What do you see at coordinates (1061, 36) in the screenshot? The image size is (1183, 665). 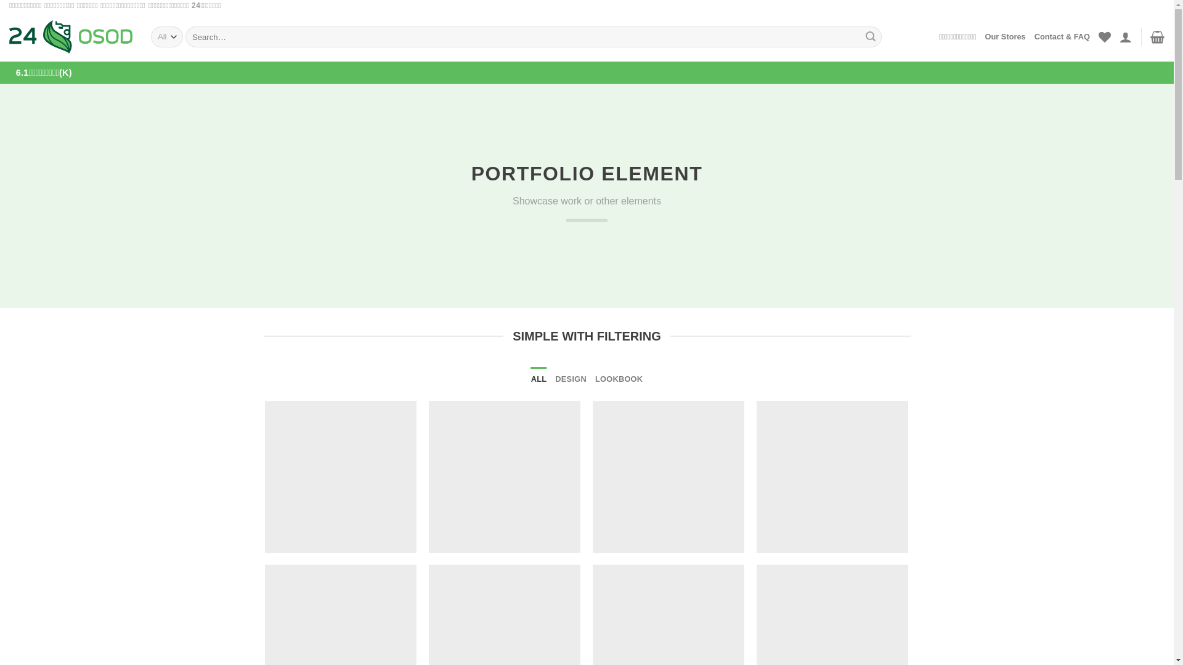 I see `'Contact & FAQ'` at bounding box center [1061, 36].